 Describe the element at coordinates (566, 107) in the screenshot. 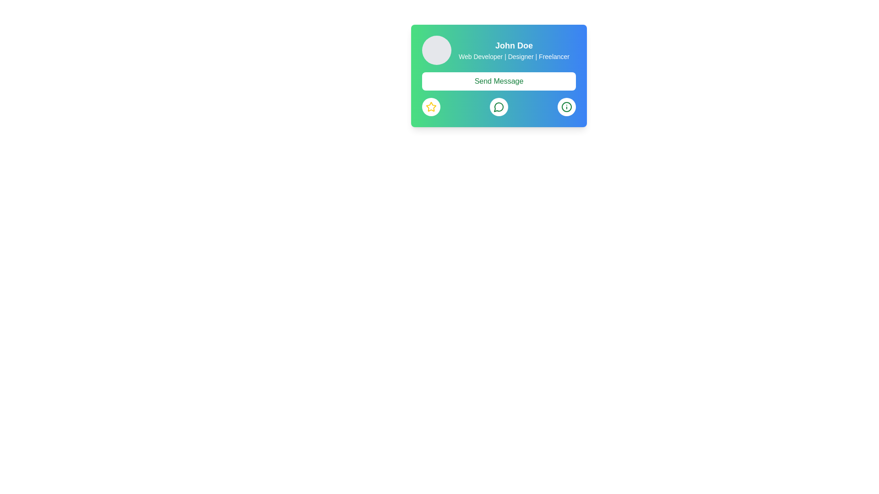

I see `the circular icon with a green information symbol on a white background, which is the rightmost icon below the 'Send Message' button` at that location.